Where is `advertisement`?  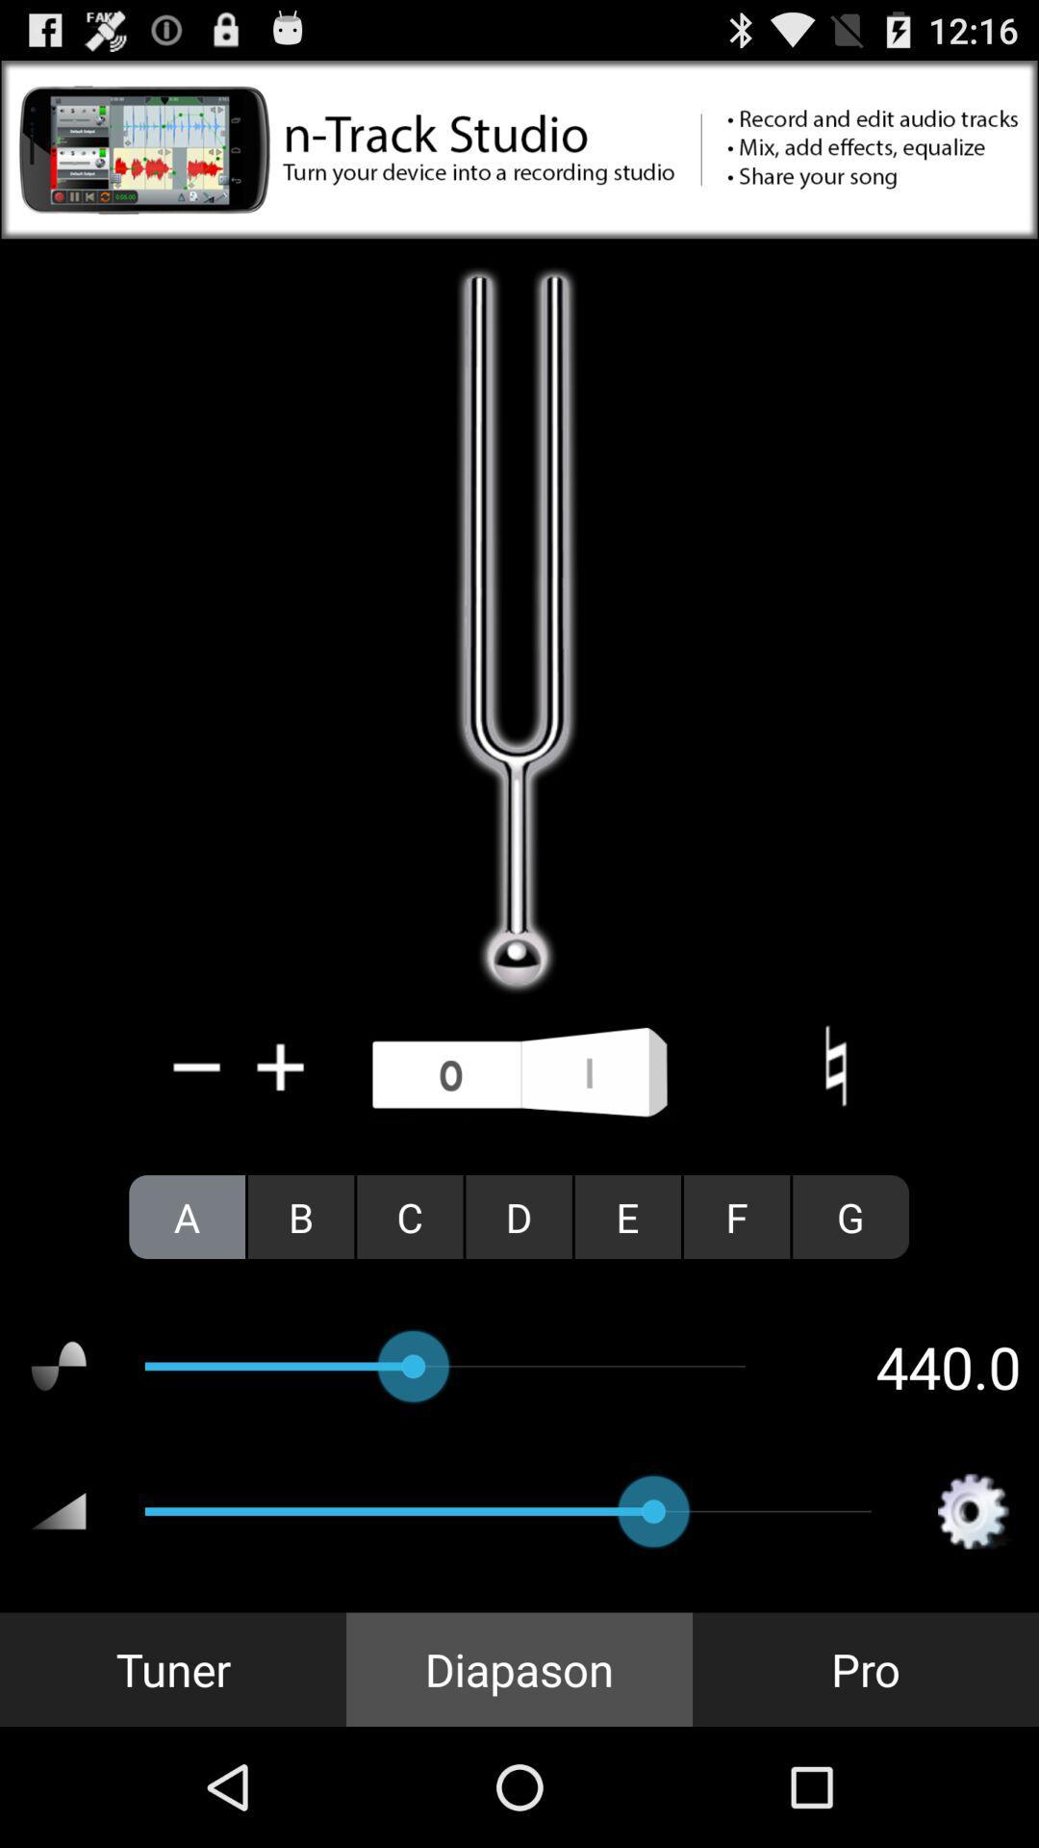
advertisement is located at coordinates (519, 148).